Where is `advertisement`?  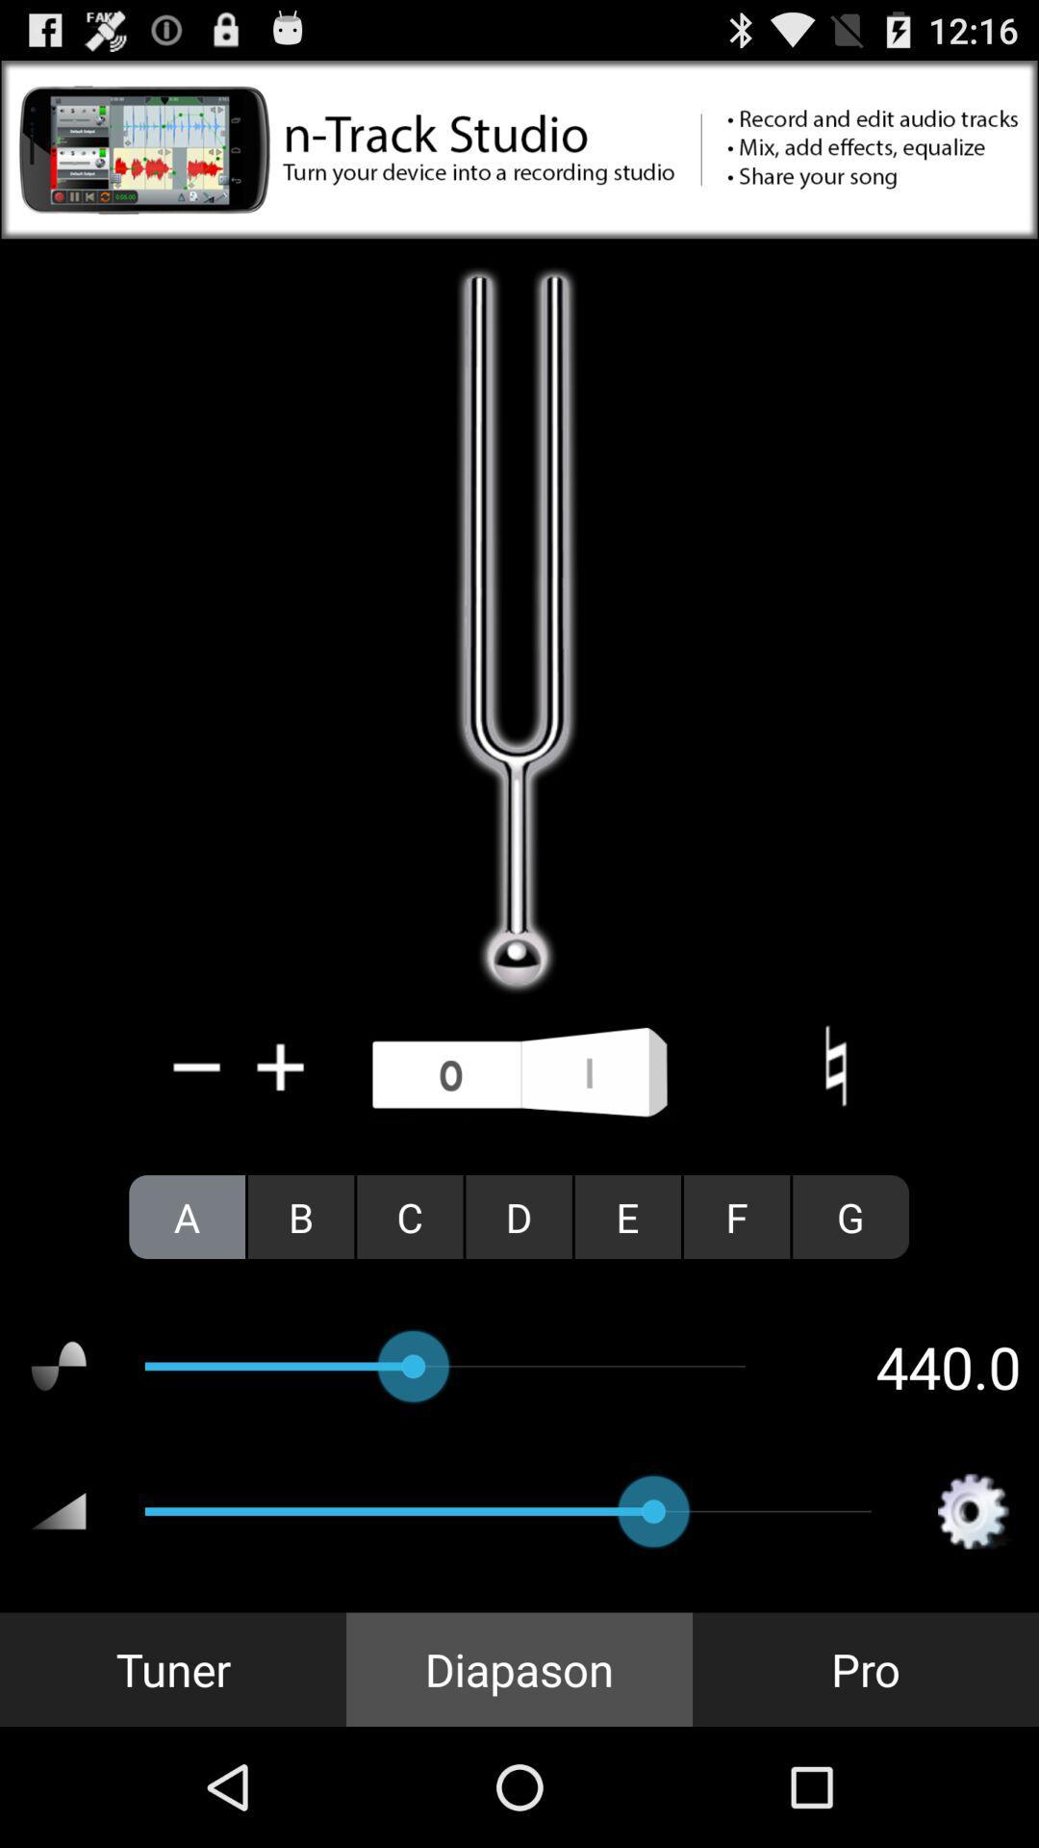
advertisement is located at coordinates (519, 148).